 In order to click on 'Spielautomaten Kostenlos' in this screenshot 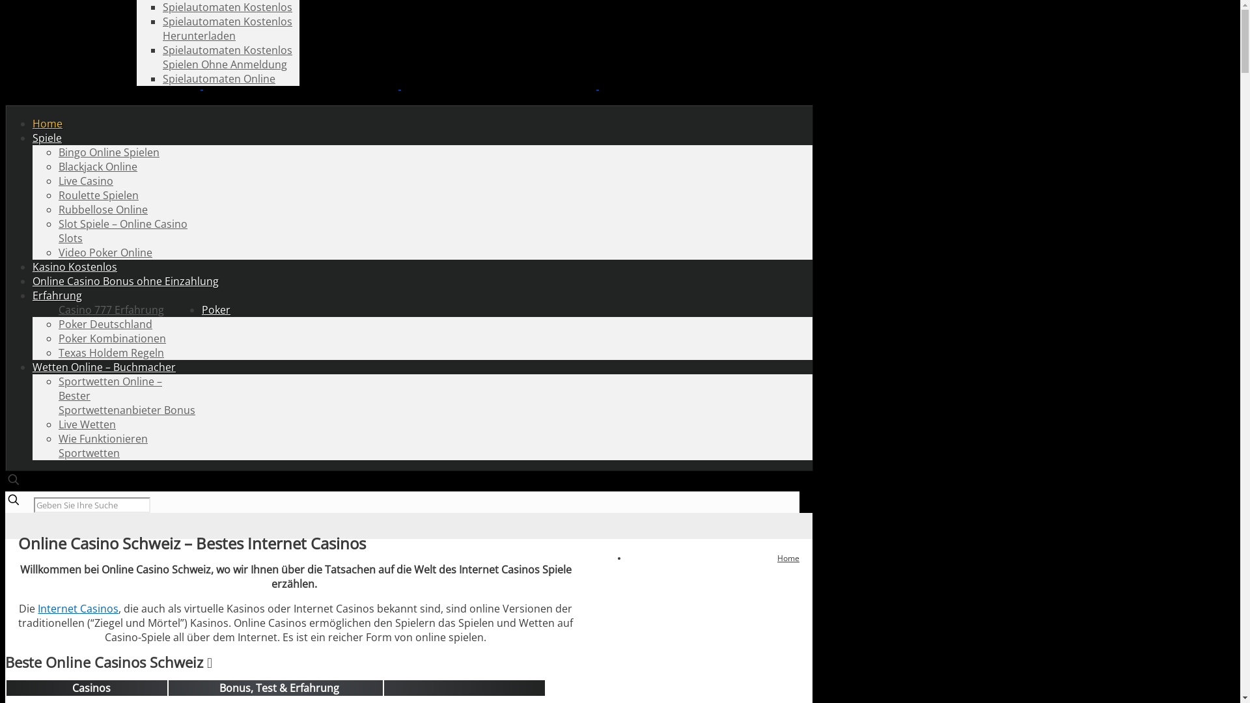, I will do `click(161, 7)`.